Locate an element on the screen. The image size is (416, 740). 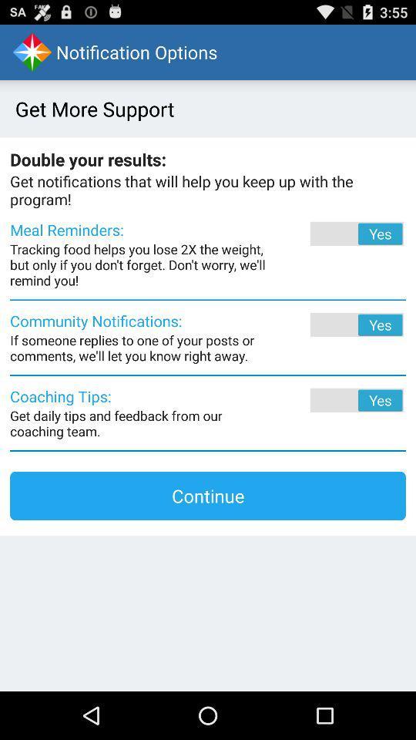
the app below get notifications that item is located at coordinates (335, 234).